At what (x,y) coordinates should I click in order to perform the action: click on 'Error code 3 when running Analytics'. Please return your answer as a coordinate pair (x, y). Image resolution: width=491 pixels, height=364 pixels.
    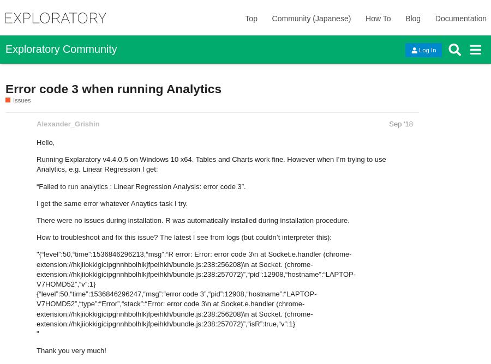
    Looking at the image, I should click on (113, 87).